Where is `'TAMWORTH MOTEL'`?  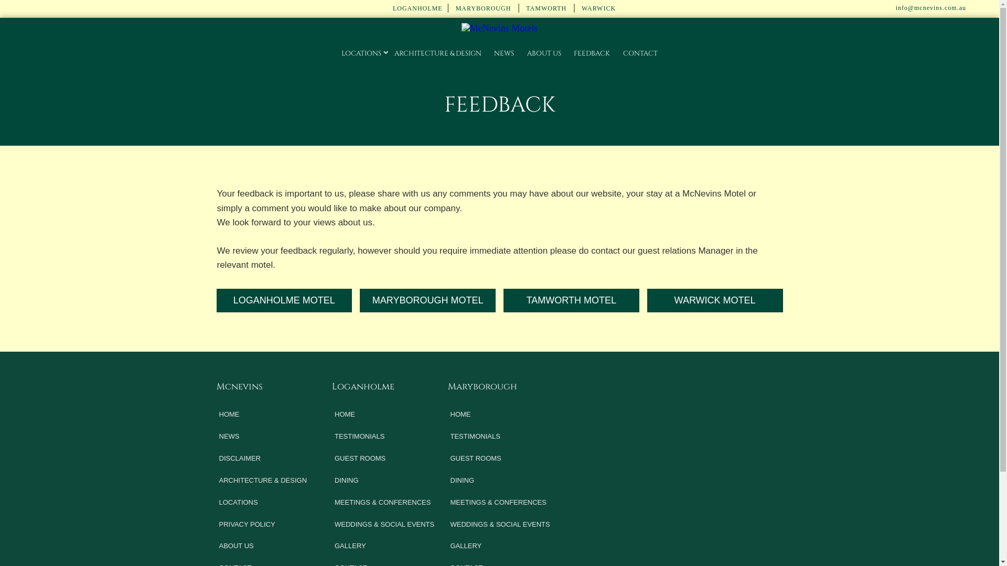 'TAMWORTH MOTEL' is located at coordinates (571, 301).